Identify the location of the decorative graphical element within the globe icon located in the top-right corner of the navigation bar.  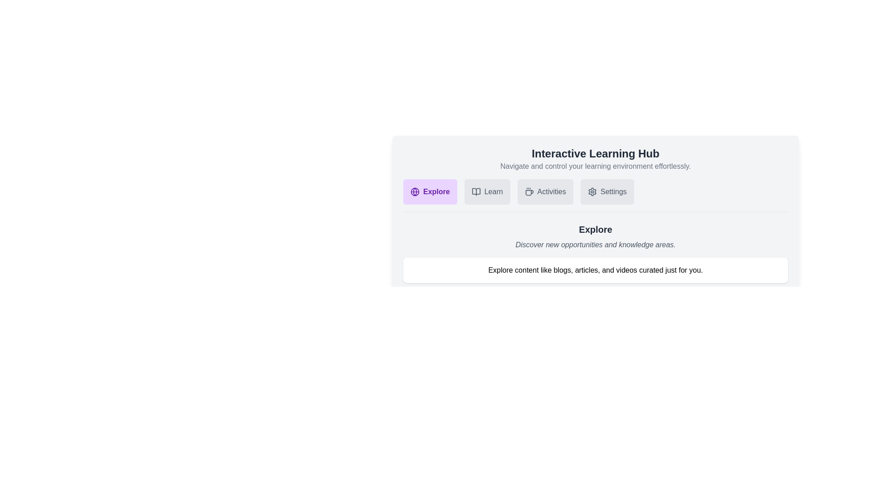
(415, 191).